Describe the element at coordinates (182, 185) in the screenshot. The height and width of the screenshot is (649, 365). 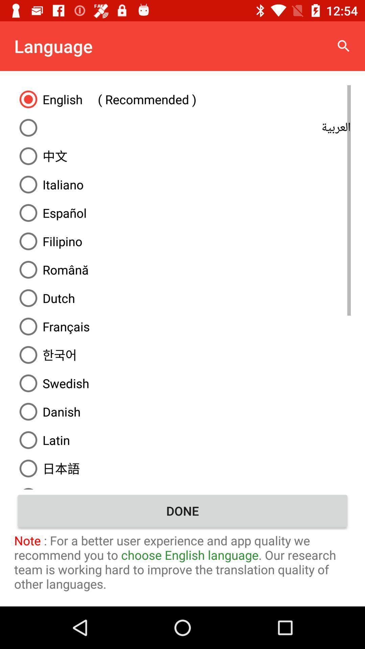
I see `the italiano item` at that location.